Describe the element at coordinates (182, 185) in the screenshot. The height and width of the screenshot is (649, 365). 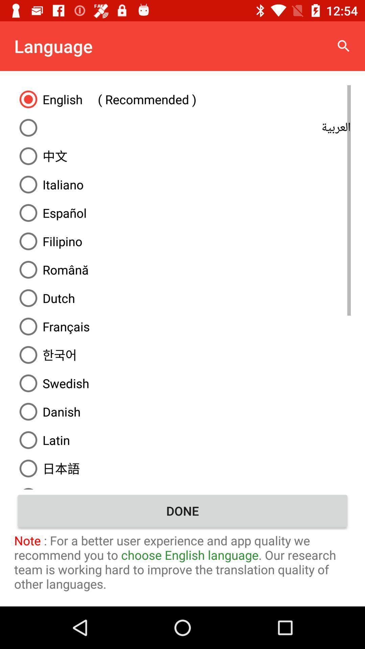
I see `the italiano item` at that location.